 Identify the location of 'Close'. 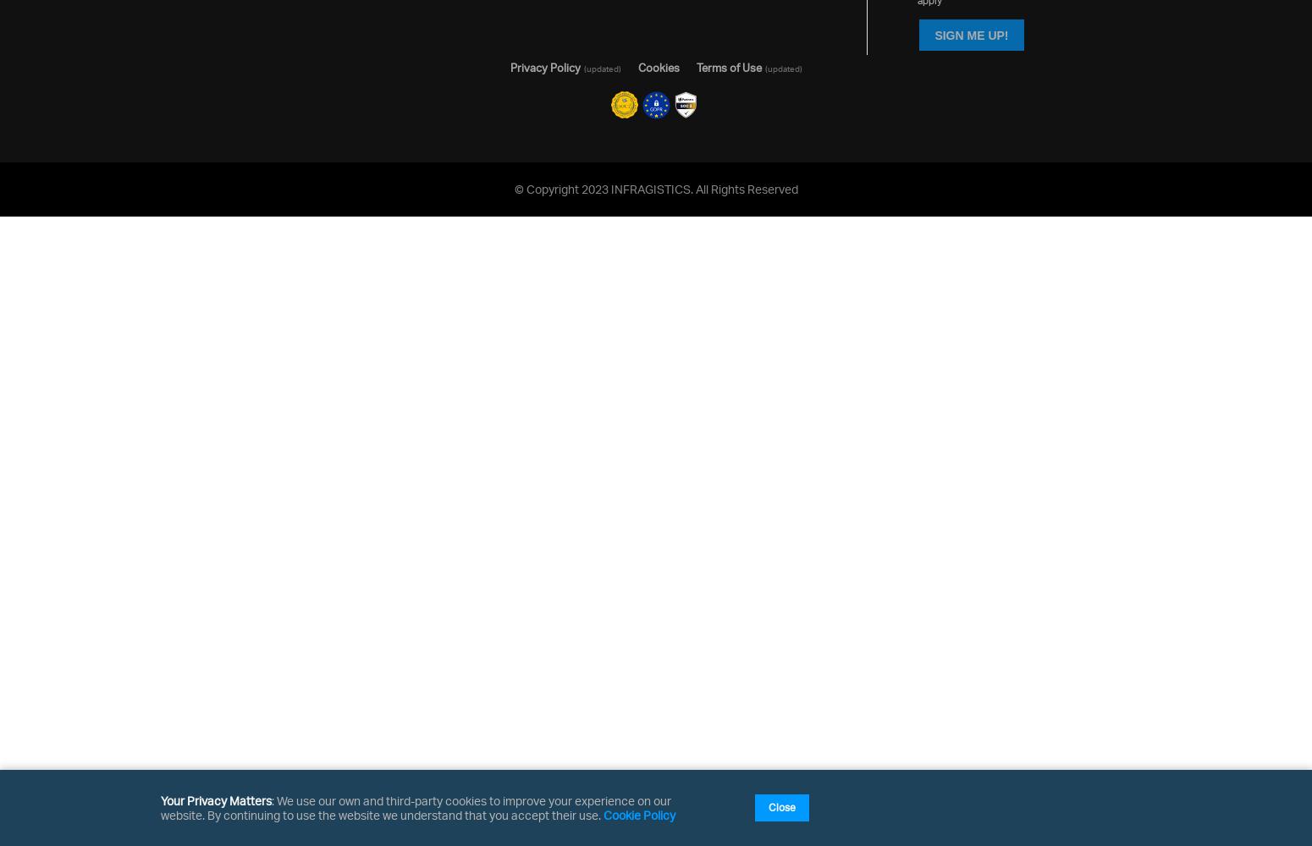
(781, 806).